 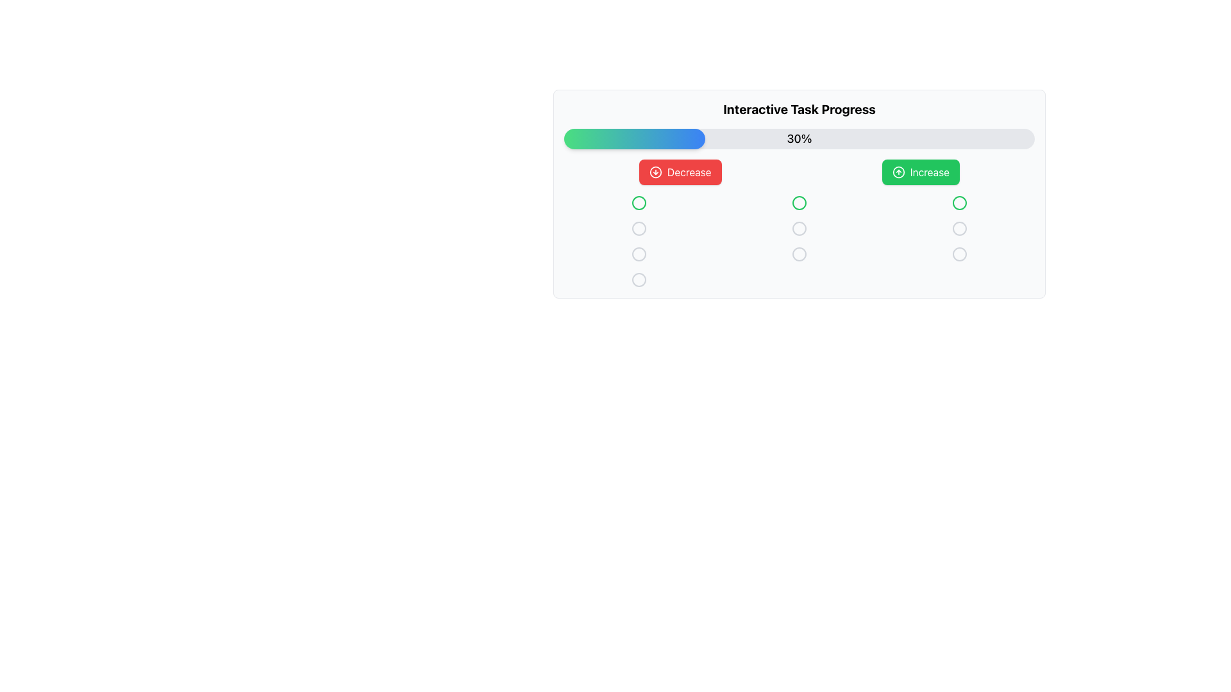 What do you see at coordinates (639, 279) in the screenshot?
I see `the circular indicator button located at the bottom of the vertical group of circular elements, which has a light gray fill and is distinguishable from the white background` at bounding box center [639, 279].